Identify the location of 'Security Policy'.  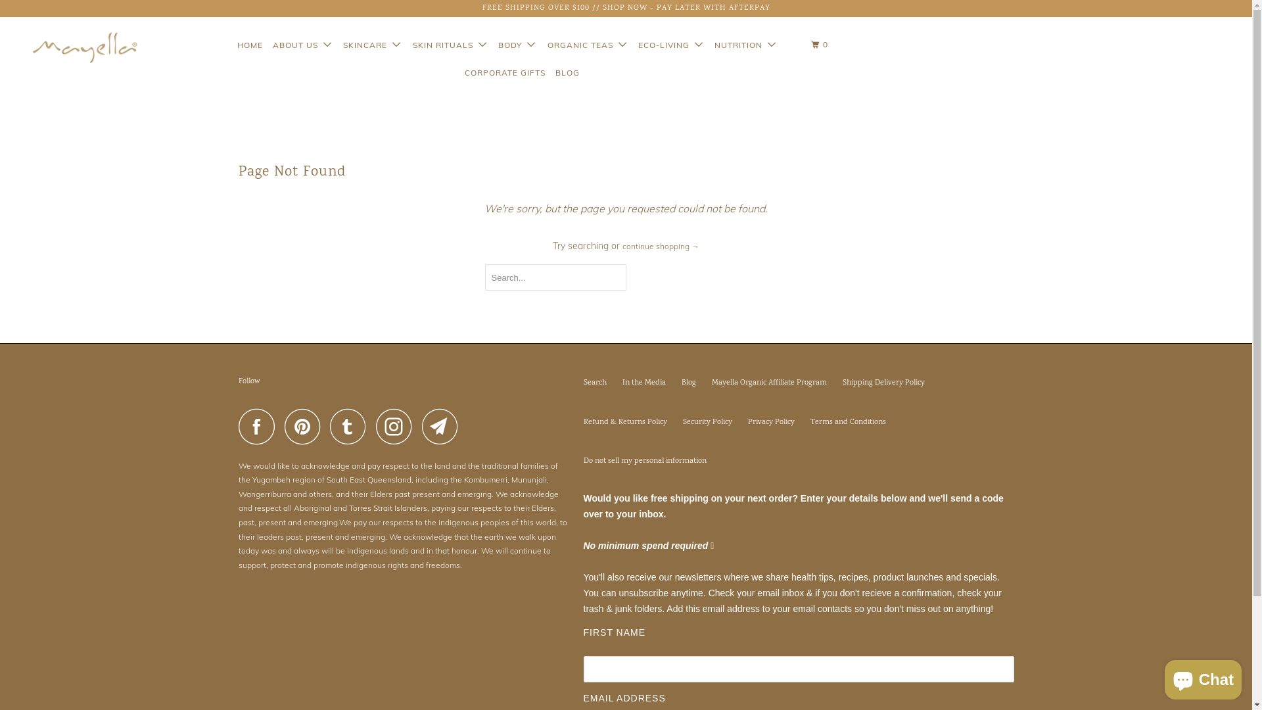
(682, 422).